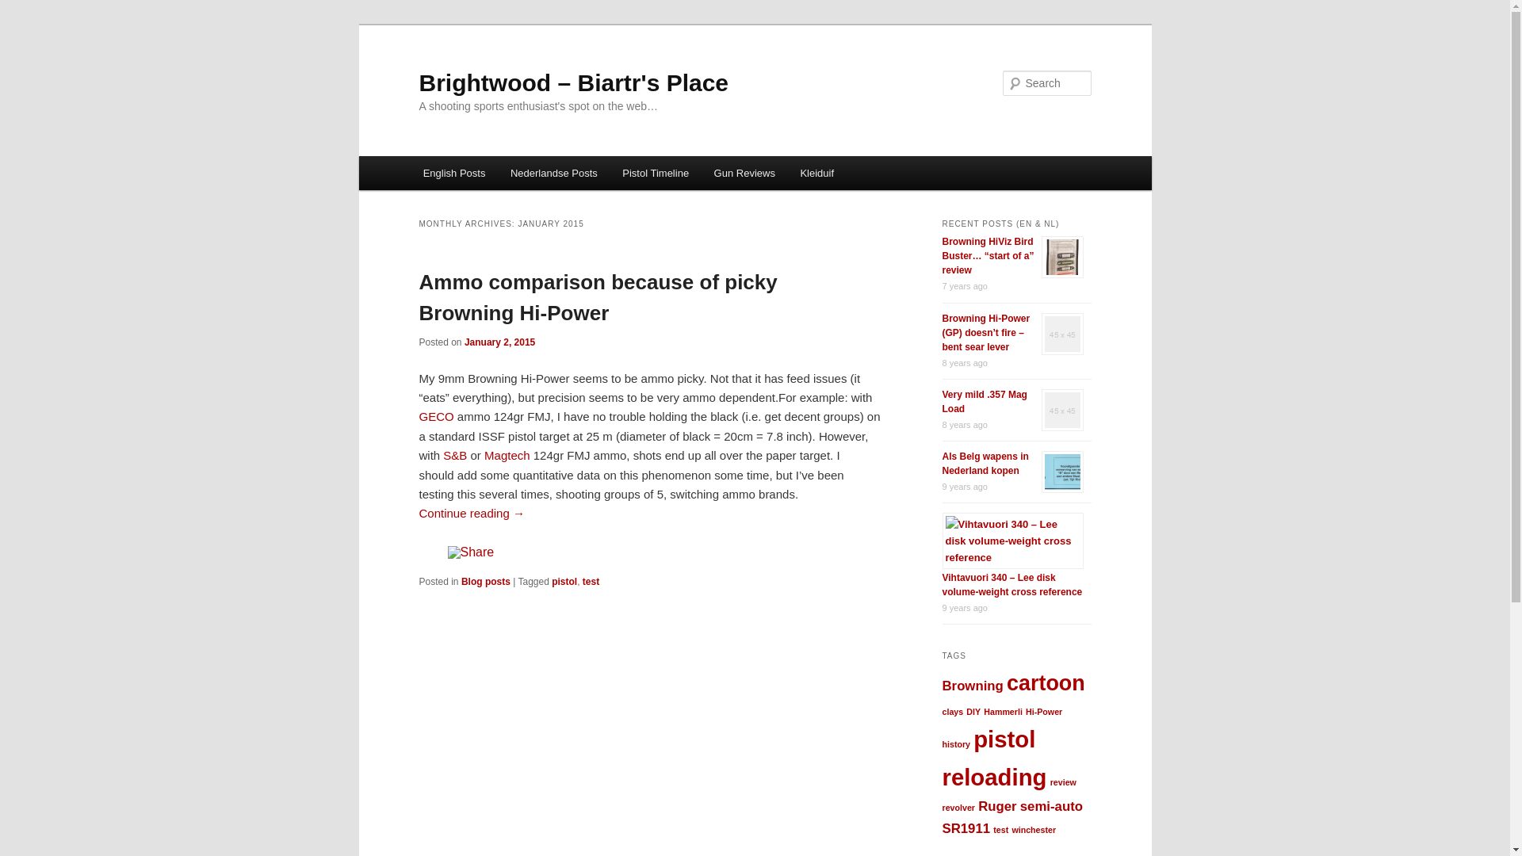 This screenshot has width=1522, height=856. Describe the element at coordinates (454, 455) in the screenshot. I see `'S&B'` at that location.